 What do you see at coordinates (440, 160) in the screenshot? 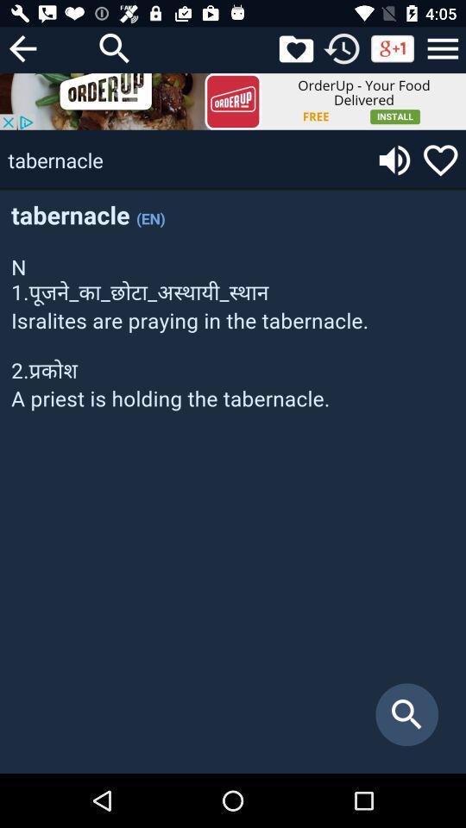
I see `the favorite icon` at bounding box center [440, 160].